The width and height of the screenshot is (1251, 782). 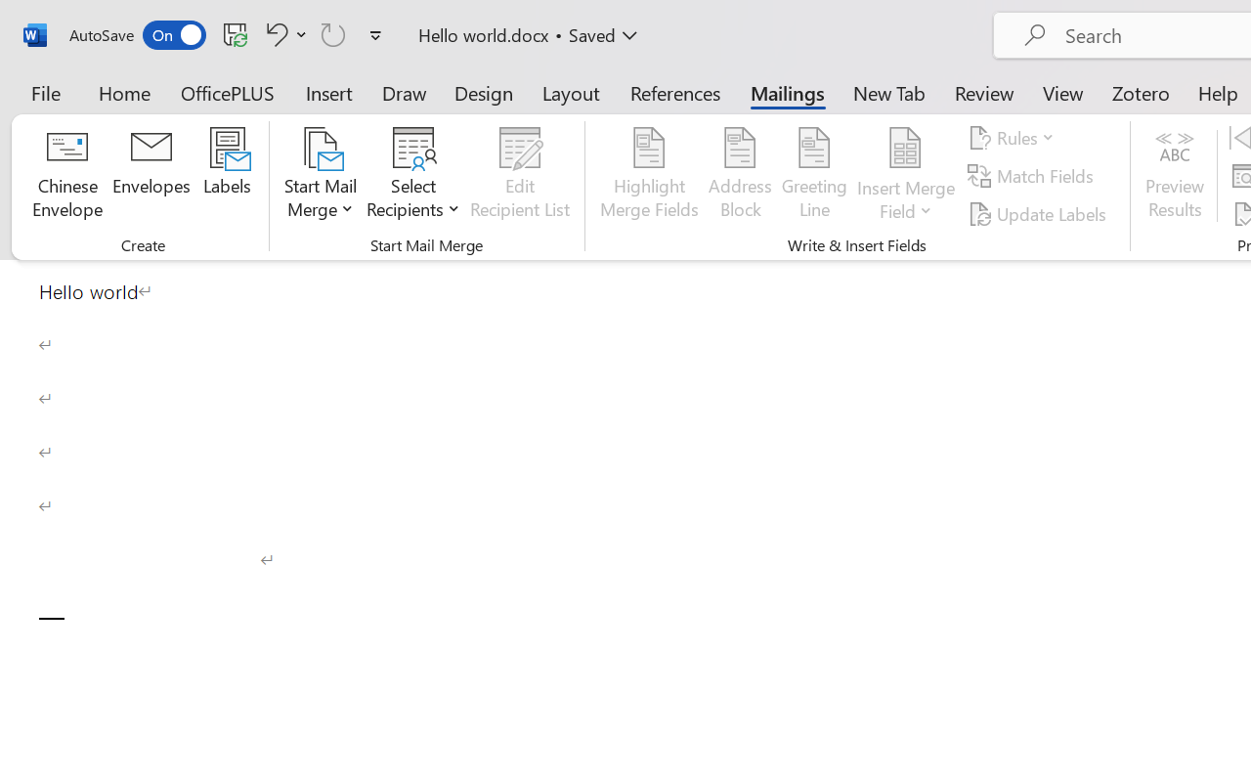 What do you see at coordinates (329, 92) in the screenshot?
I see `'Insert'` at bounding box center [329, 92].